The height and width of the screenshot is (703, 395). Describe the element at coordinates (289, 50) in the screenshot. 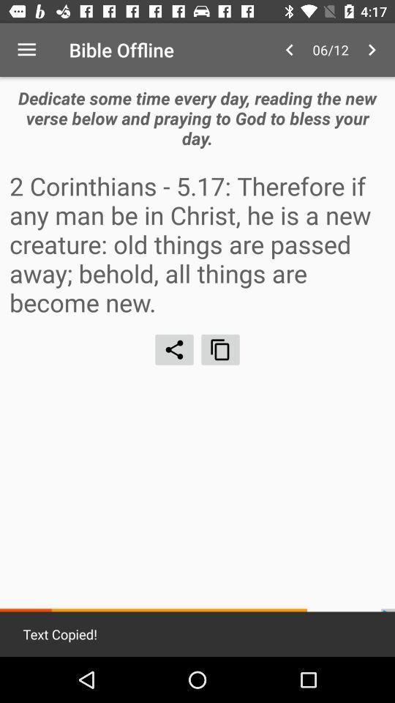

I see `item to the left of 06/12 icon` at that location.